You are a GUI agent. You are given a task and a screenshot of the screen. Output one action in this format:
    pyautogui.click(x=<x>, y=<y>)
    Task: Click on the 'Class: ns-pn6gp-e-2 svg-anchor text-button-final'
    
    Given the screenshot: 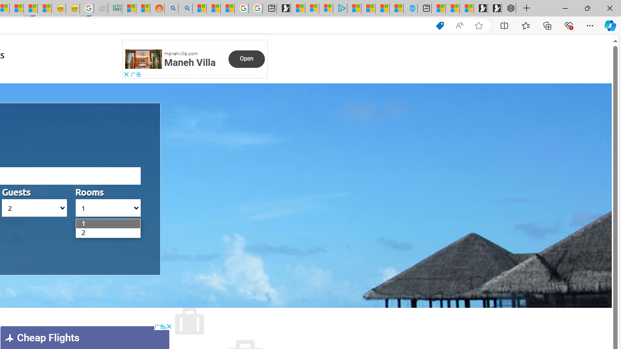 What is the action you would take?
    pyautogui.click(x=246, y=59)
    